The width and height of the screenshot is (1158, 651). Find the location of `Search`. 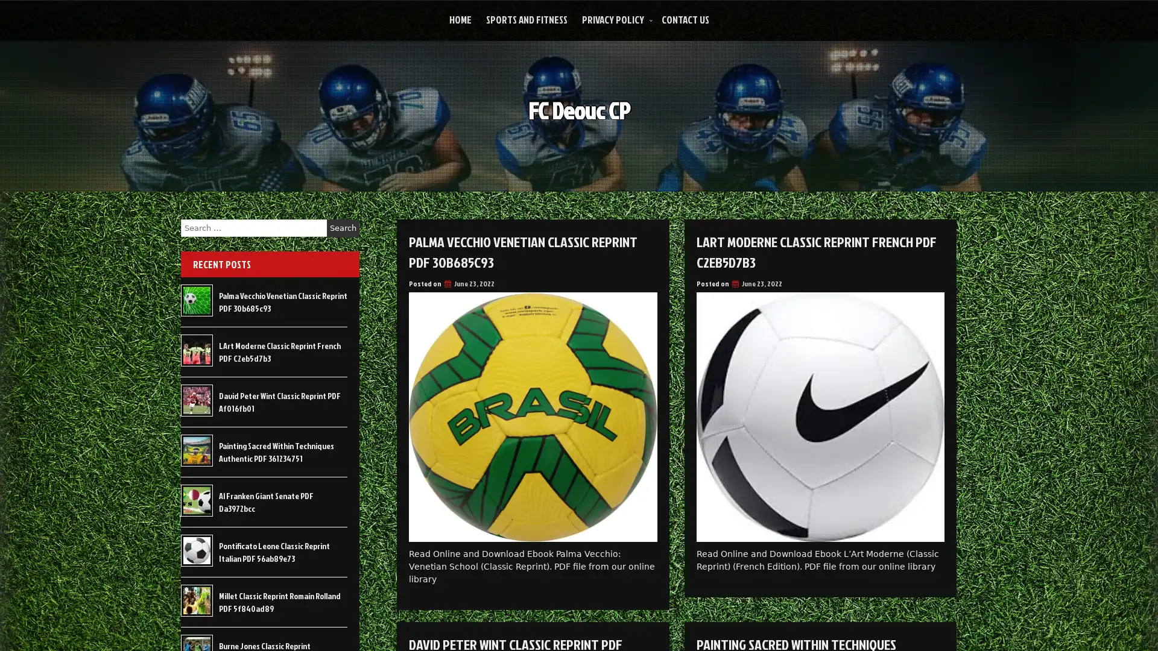

Search is located at coordinates (343, 228).